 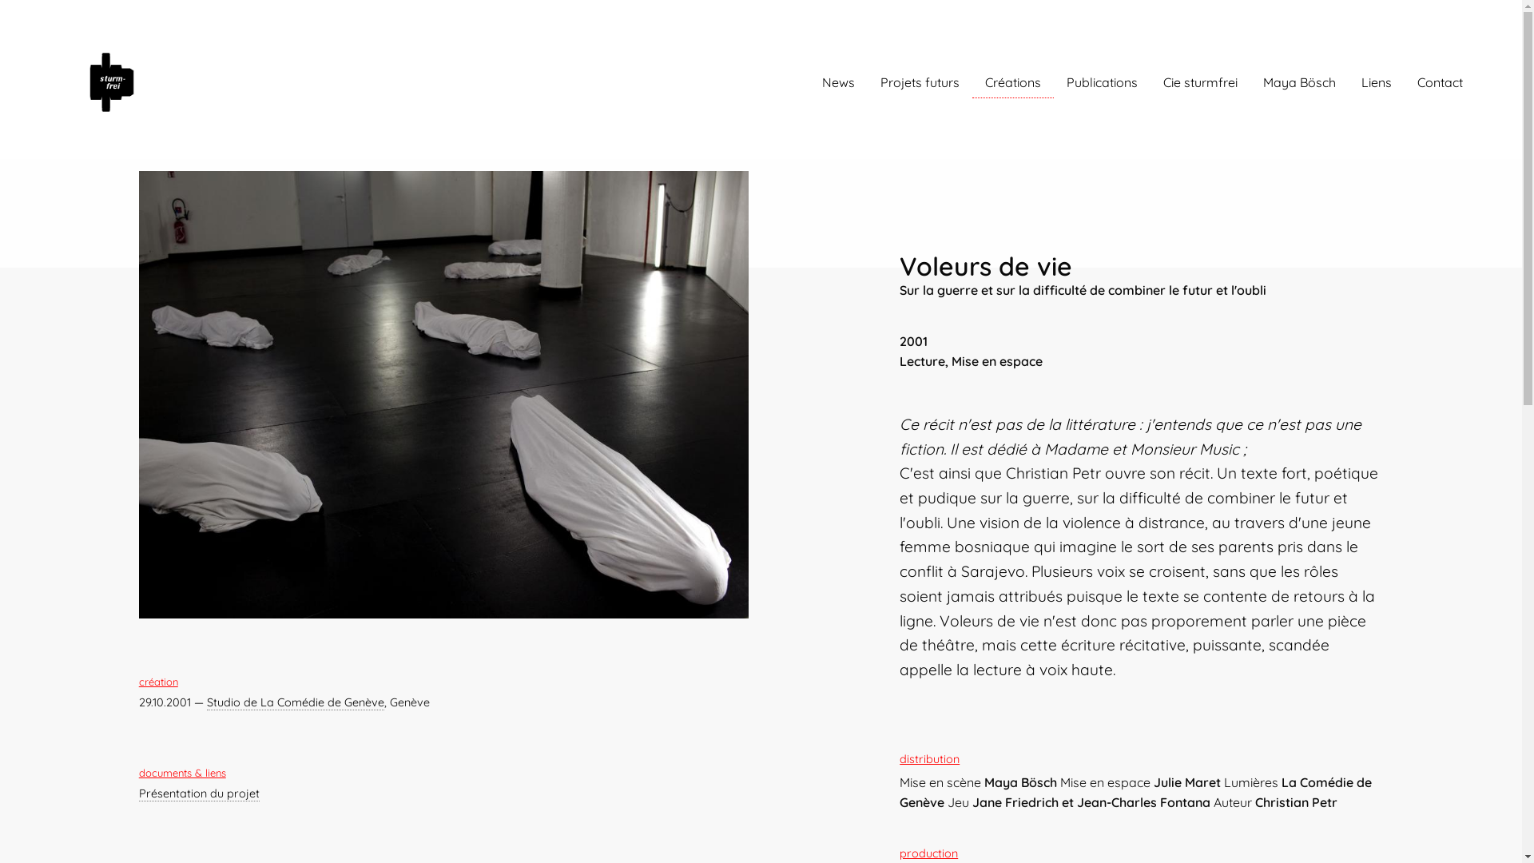 I want to click on 'Liens', so click(x=1376, y=82).